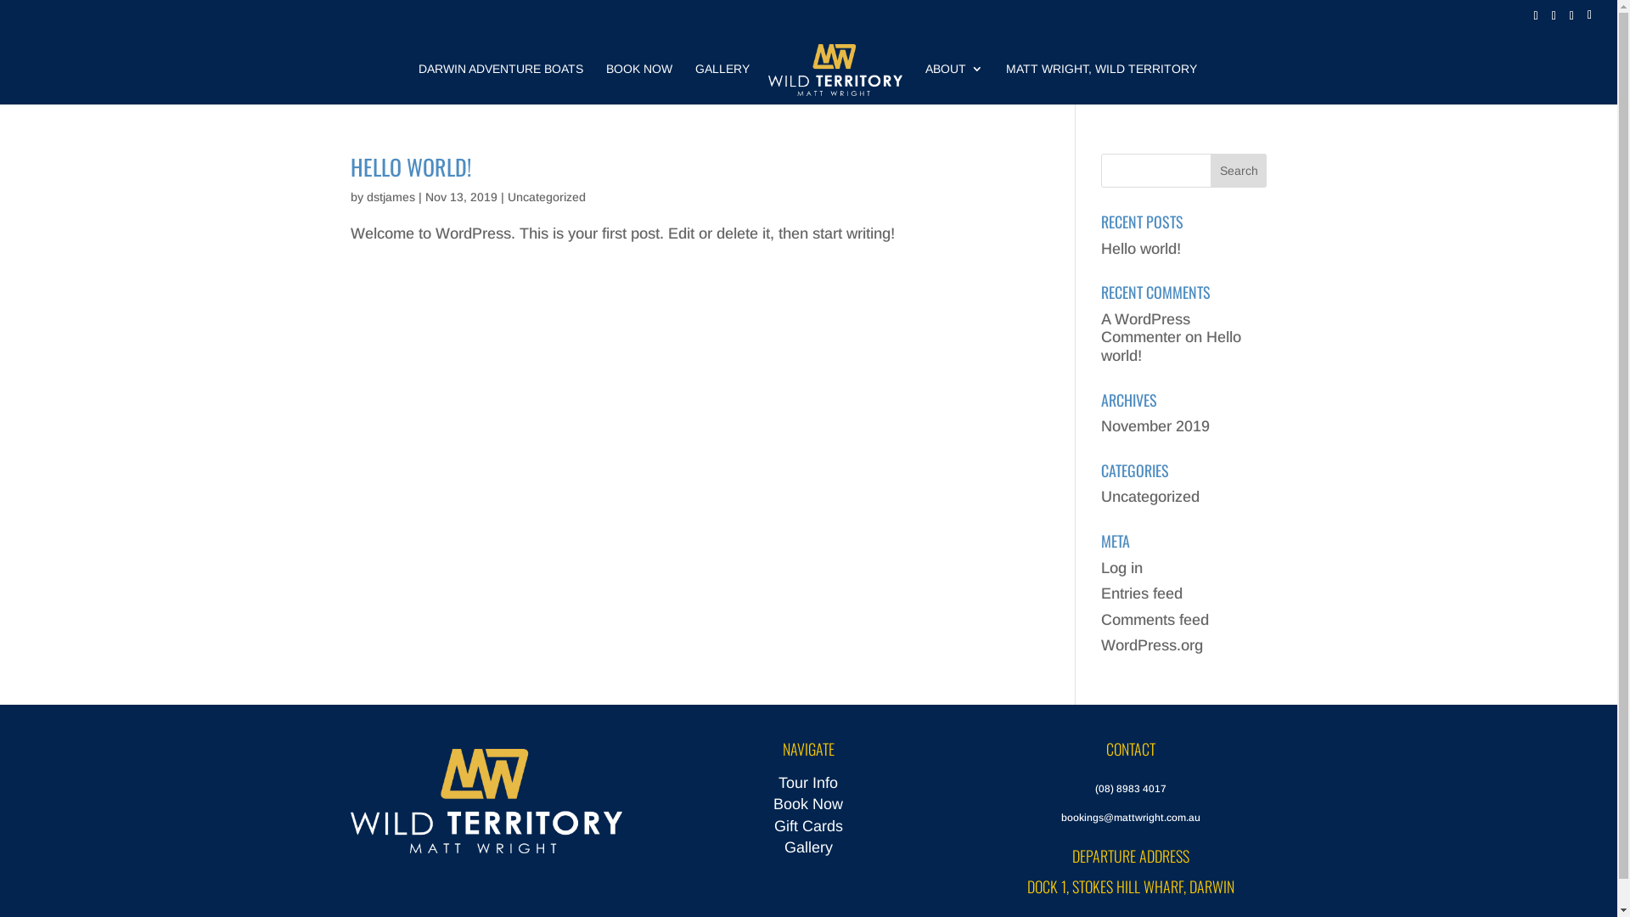 The image size is (1630, 917). Describe the element at coordinates (1239, 170) in the screenshot. I see `'Search'` at that location.